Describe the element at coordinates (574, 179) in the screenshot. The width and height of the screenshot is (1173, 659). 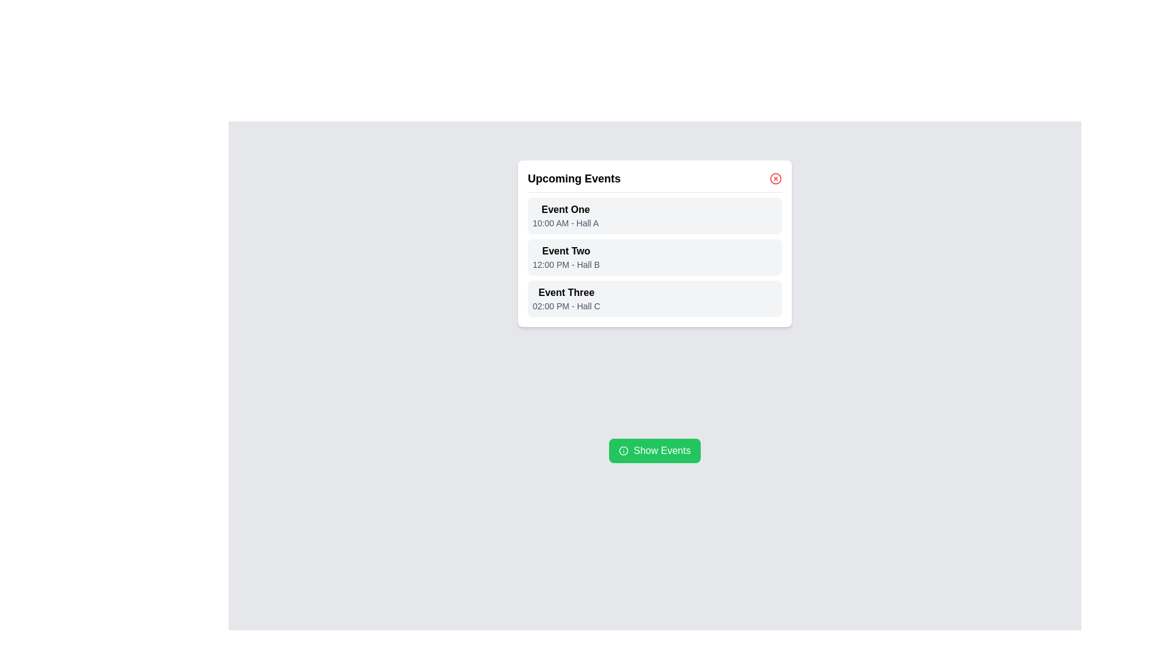
I see `the 'Upcoming Events' header Text Label by moving the cursor to its center point` at that location.